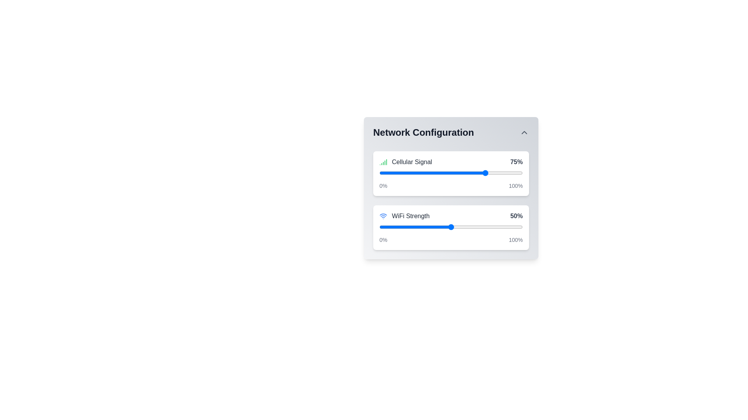 This screenshot has width=748, height=420. Describe the element at coordinates (518, 172) in the screenshot. I see `the Cellular Signal strength` at that location.